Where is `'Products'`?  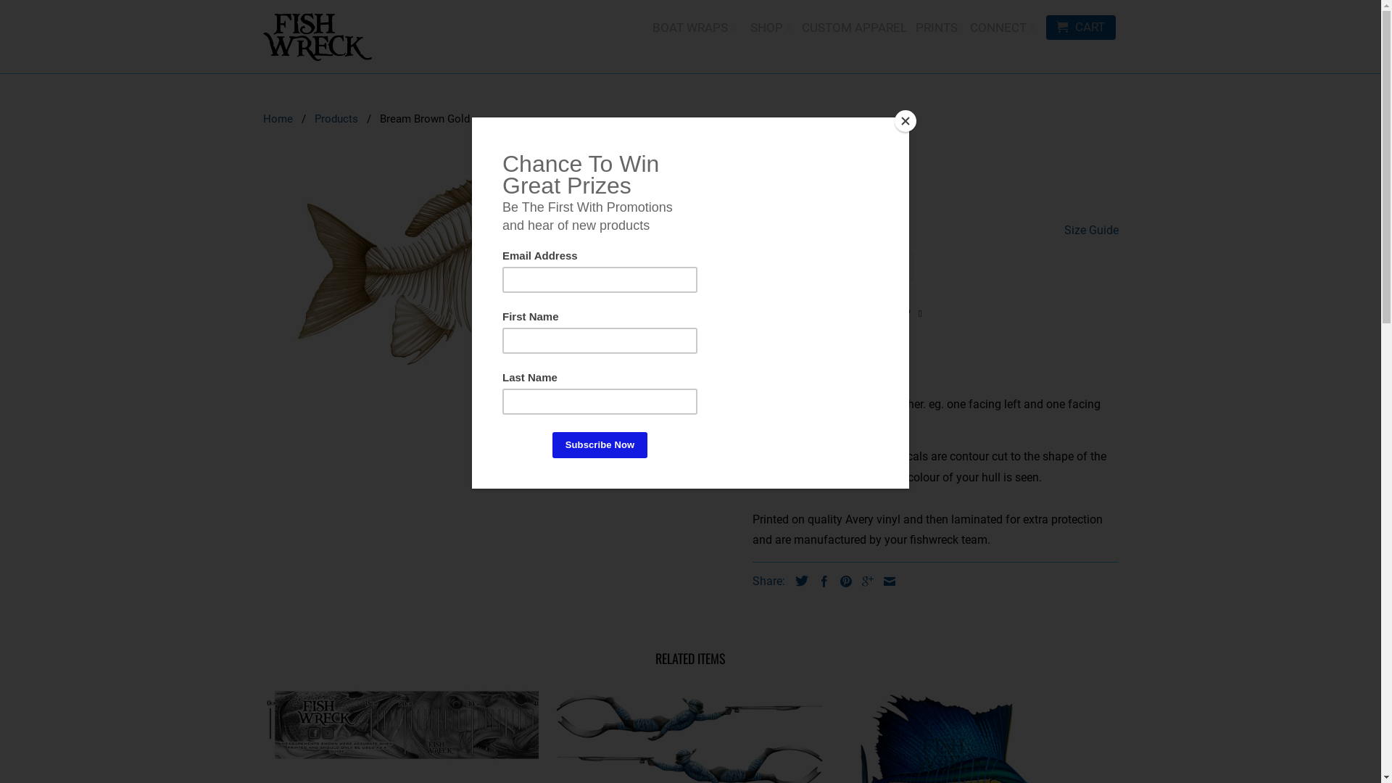
'Products' is located at coordinates (313, 118).